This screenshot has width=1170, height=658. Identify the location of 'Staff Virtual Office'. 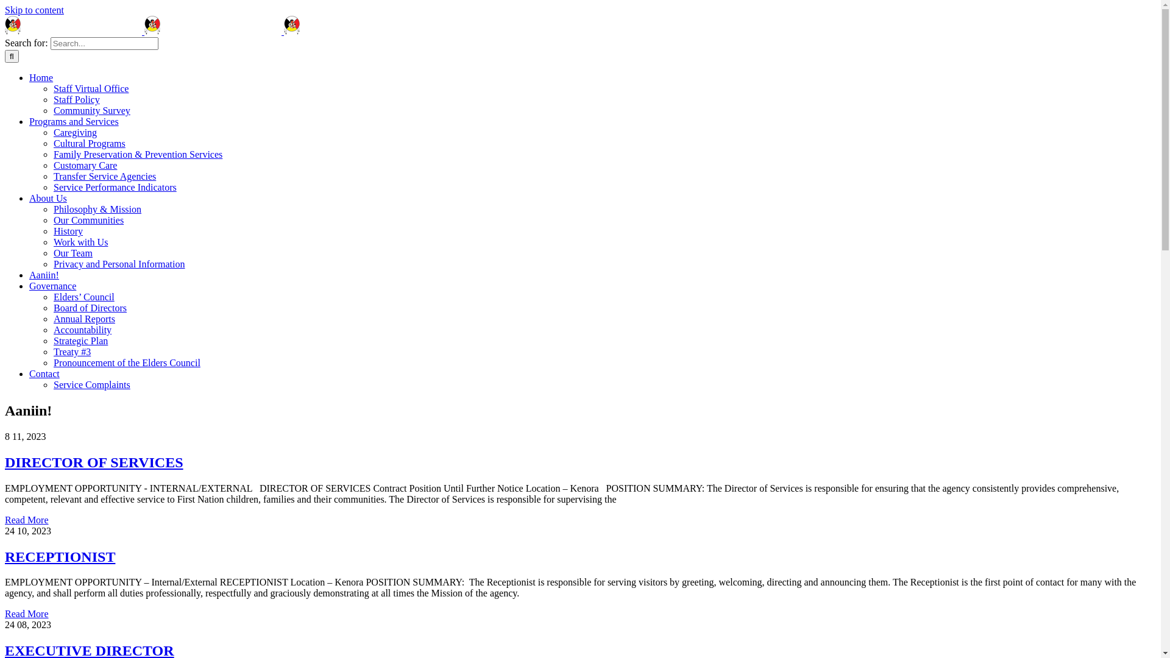
(90, 88).